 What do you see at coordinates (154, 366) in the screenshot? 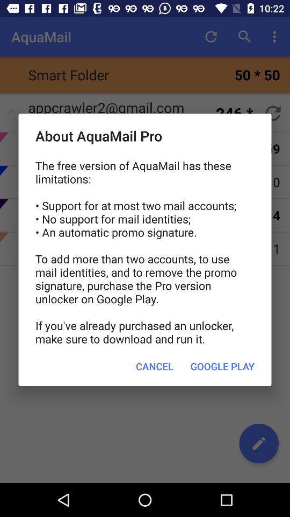
I see `the button at the bottom` at bounding box center [154, 366].